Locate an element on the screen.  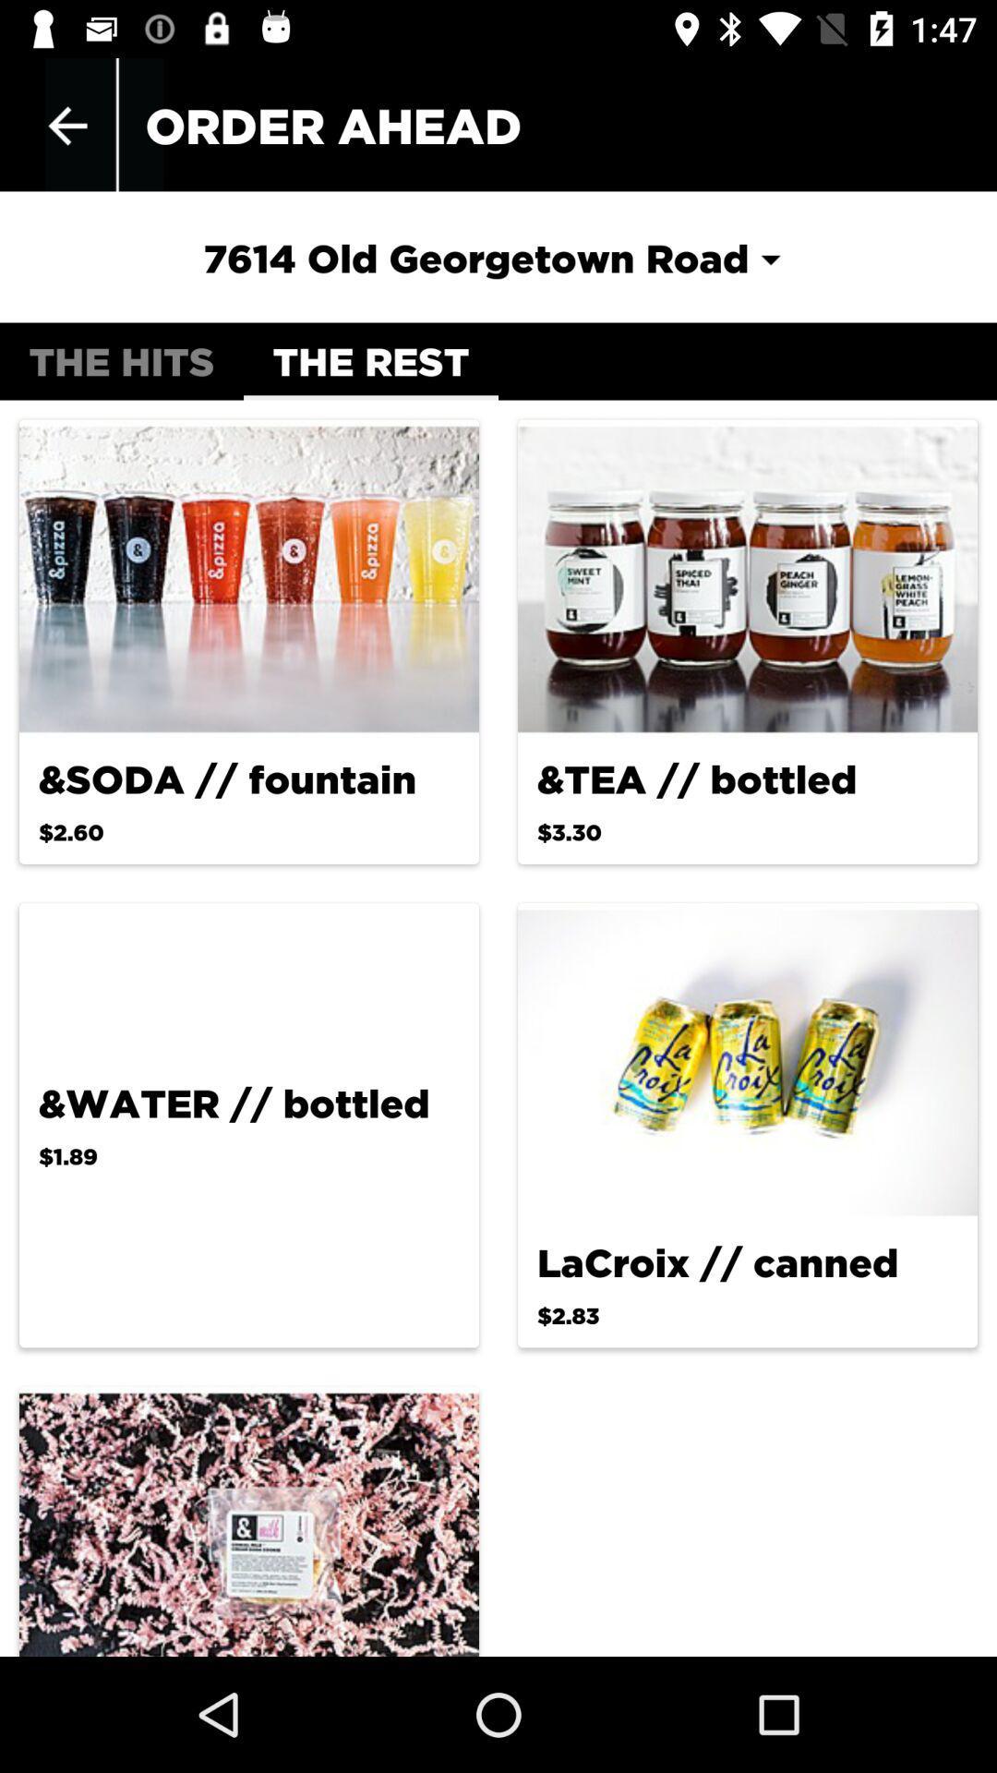
the item below the order ahead item is located at coordinates (497, 257).